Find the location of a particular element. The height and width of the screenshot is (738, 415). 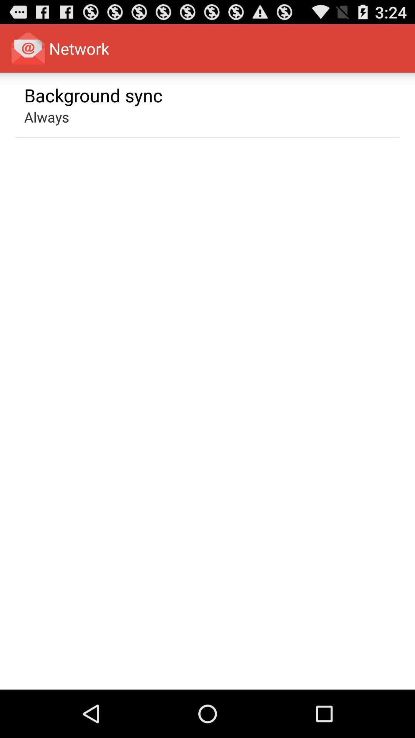

the background sync item is located at coordinates (93, 95).